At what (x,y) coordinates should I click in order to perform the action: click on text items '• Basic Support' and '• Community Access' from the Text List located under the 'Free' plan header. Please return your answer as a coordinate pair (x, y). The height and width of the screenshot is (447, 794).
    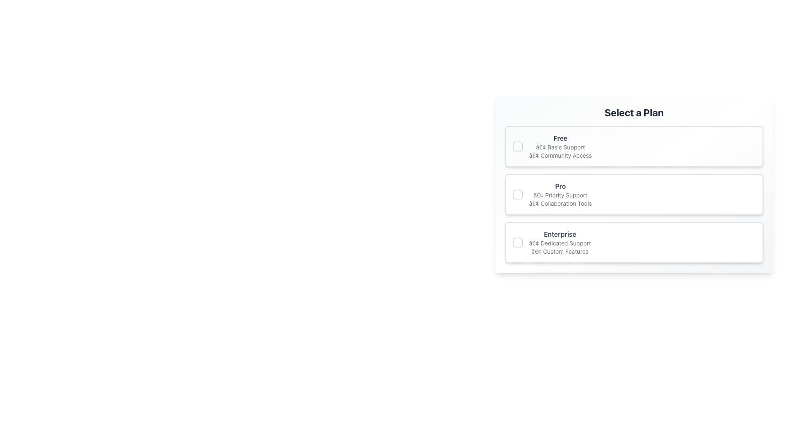
    Looking at the image, I should click on (560, 151).